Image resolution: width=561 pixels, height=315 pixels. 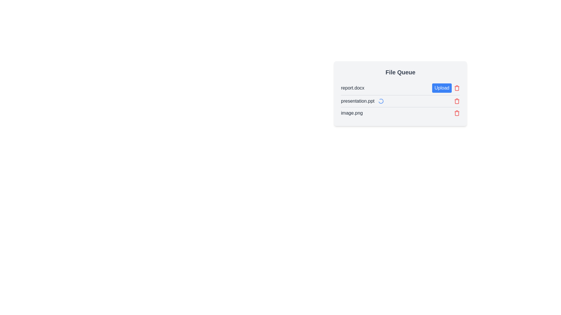 I want to click on the text element displaying the file name 'presentation.ppt' with an animated blue circular icon to its right, located in the second row of the file queue list, so click(x=362, y=101).